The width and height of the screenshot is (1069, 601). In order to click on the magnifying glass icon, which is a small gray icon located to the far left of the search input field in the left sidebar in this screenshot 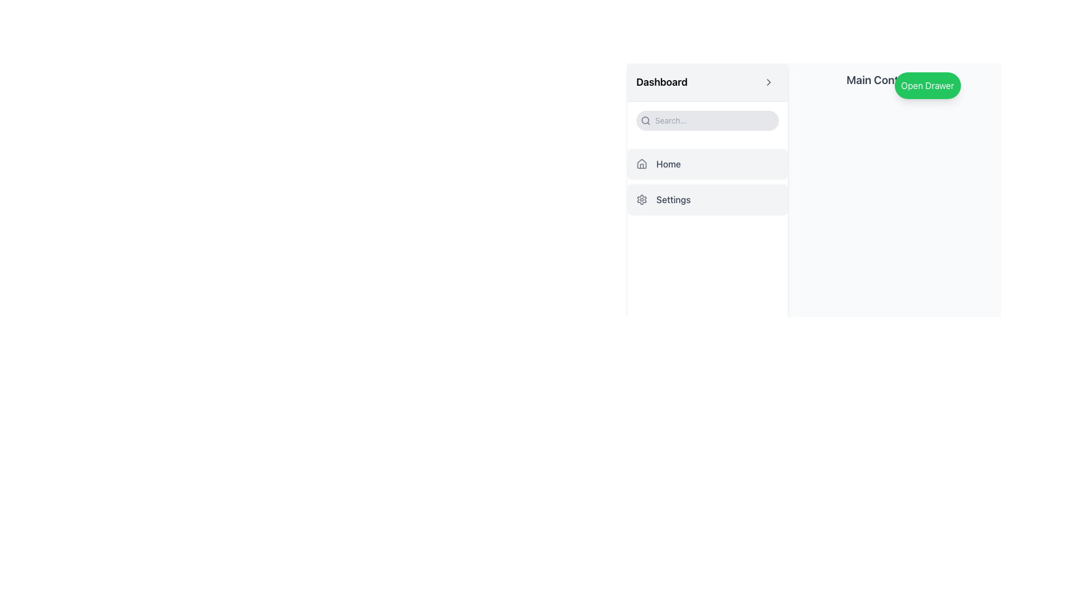, I will do `click(645, 120)`.